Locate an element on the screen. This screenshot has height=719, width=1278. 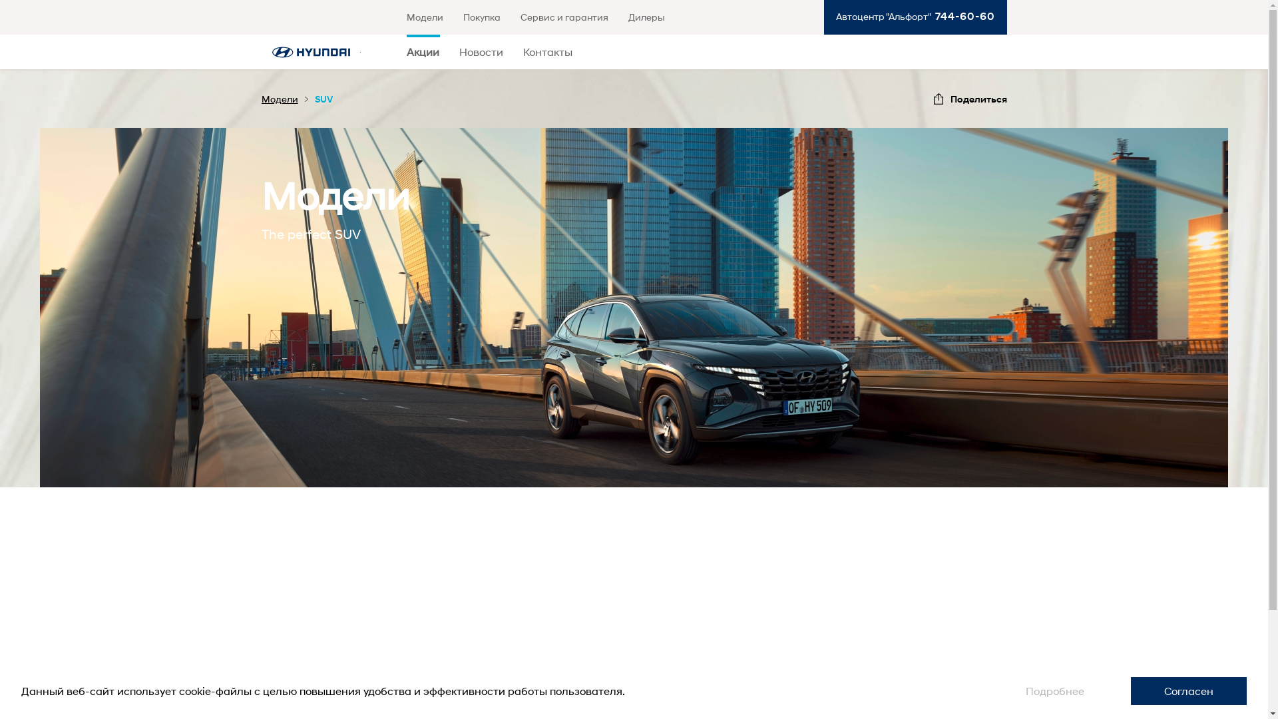
'SUV' is located at coordinates (313, 98).